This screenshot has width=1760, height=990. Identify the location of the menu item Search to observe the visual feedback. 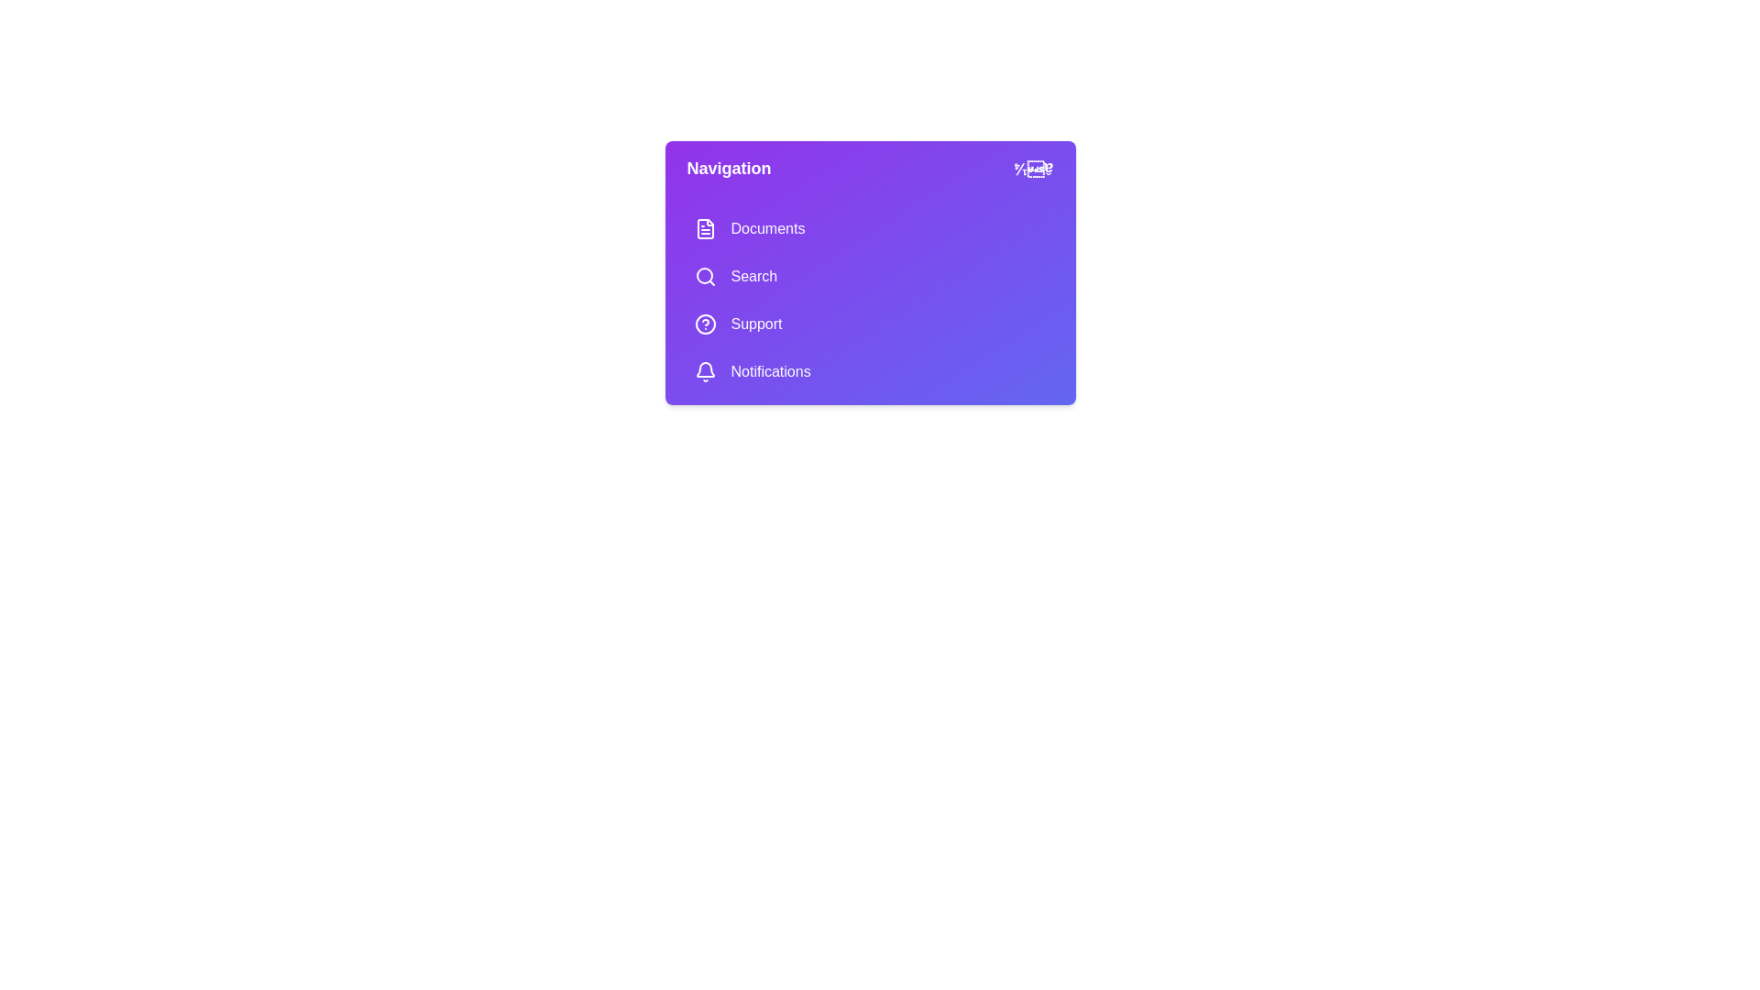
(869, 276).